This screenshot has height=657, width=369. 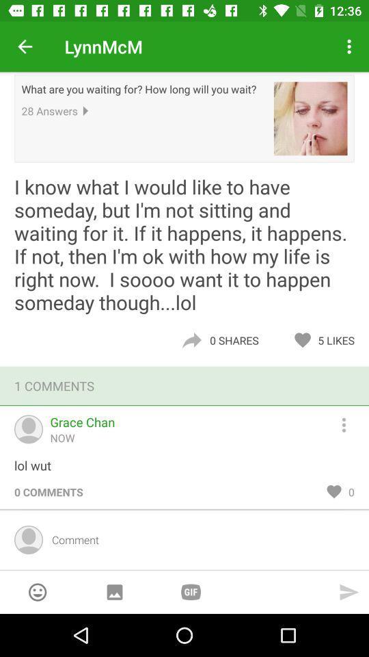 I want to click on 5 likes icon, so click(x=339, y=339).